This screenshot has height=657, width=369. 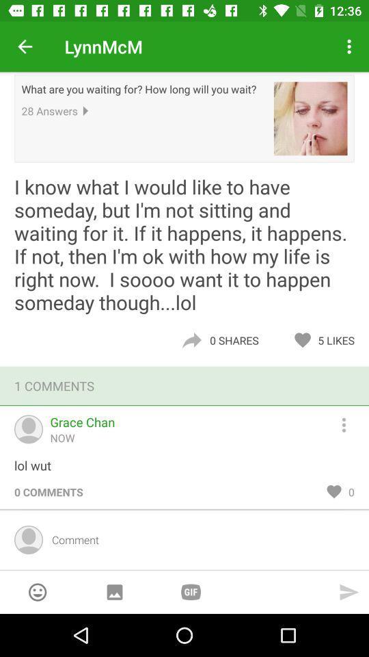 I want to click on 5 likes icon, so click(x=339, y=339).